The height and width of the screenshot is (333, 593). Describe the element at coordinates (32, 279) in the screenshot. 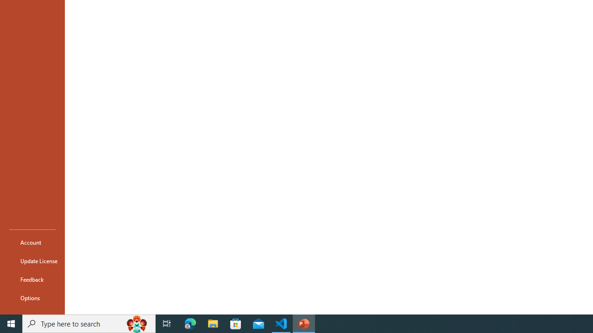

I see `'Feedback'` at that location.